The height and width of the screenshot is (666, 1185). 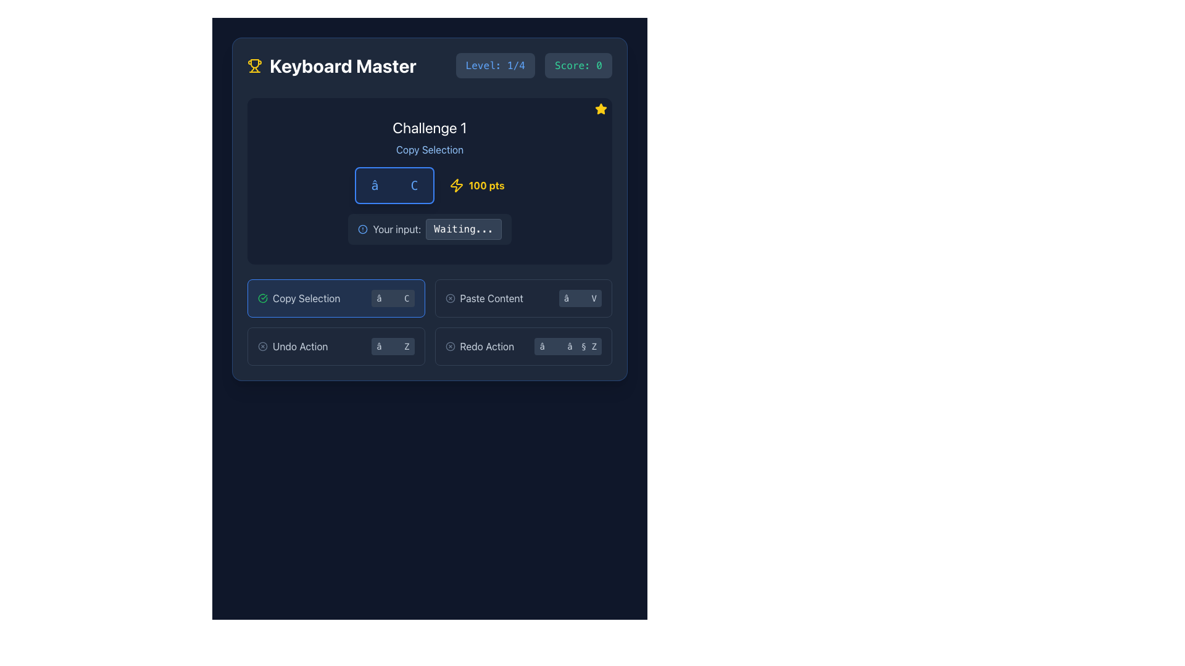 What do you see at coordinates (262, 347) in the screenshot?
I see `the cancel action icon, which is a gray circular outline with a diagonal line, located to the left of the 'Undo Action' text` at bounding box center [262, 347].